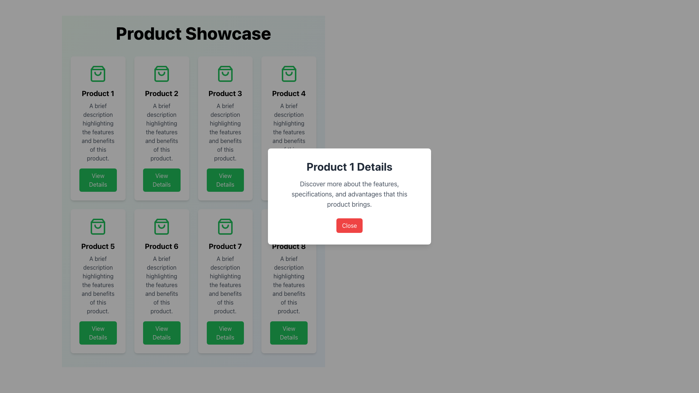  Describe the element at coordinates (98, 74) in the screenshot. I see `the green outlined shopping bag icon located at the top center of the 'Product 1' card` at that location.